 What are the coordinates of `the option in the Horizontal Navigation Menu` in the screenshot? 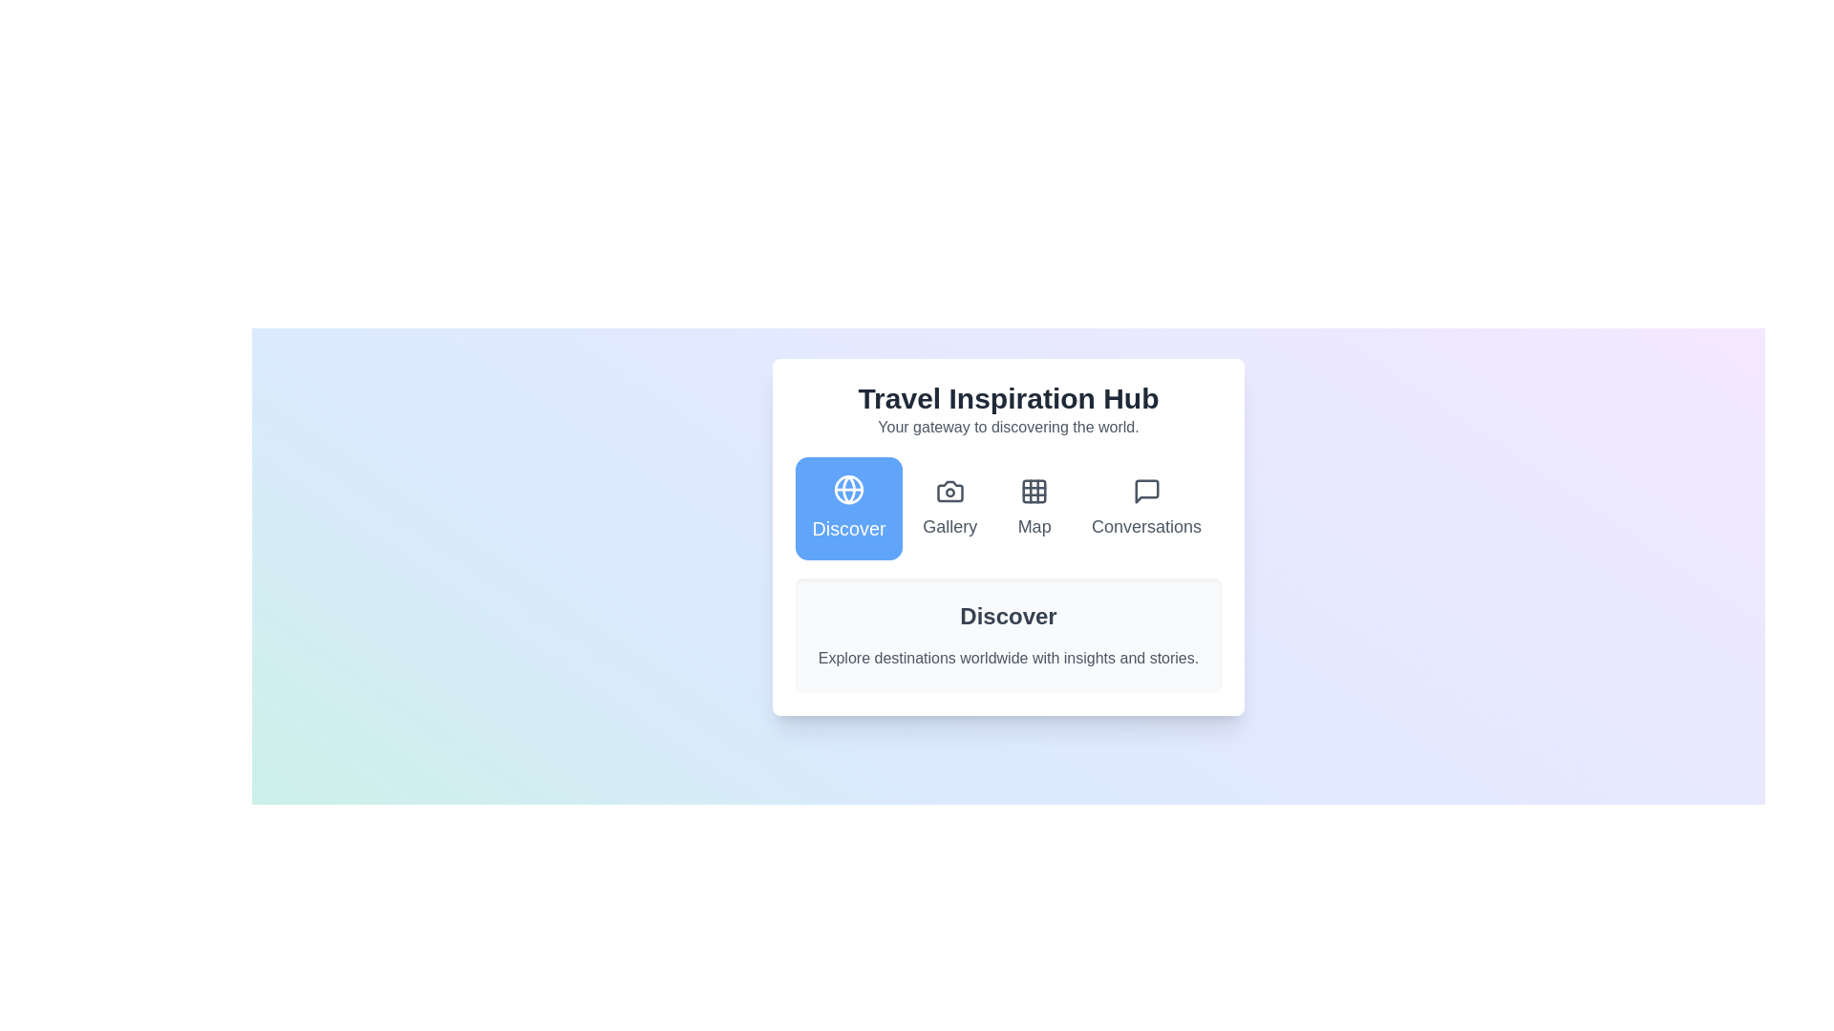 It's located at (1008, 507).